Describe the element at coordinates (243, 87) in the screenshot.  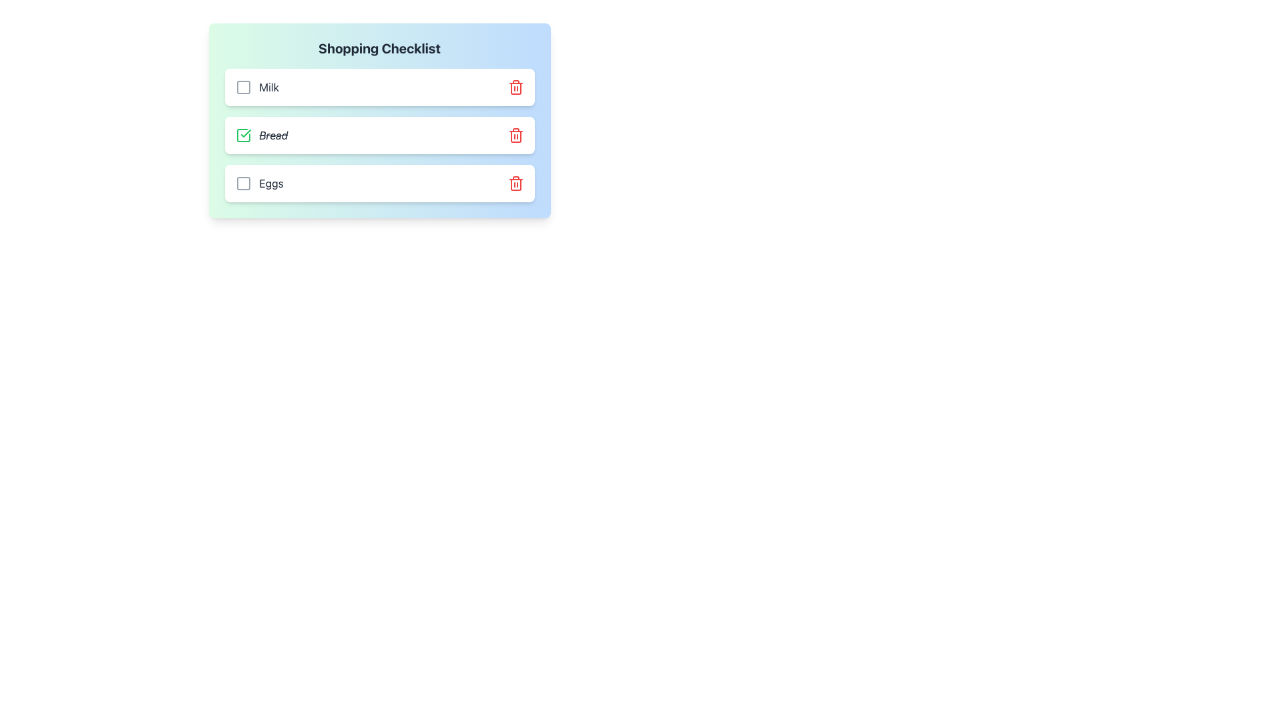
I see `the checkbox` at that location.